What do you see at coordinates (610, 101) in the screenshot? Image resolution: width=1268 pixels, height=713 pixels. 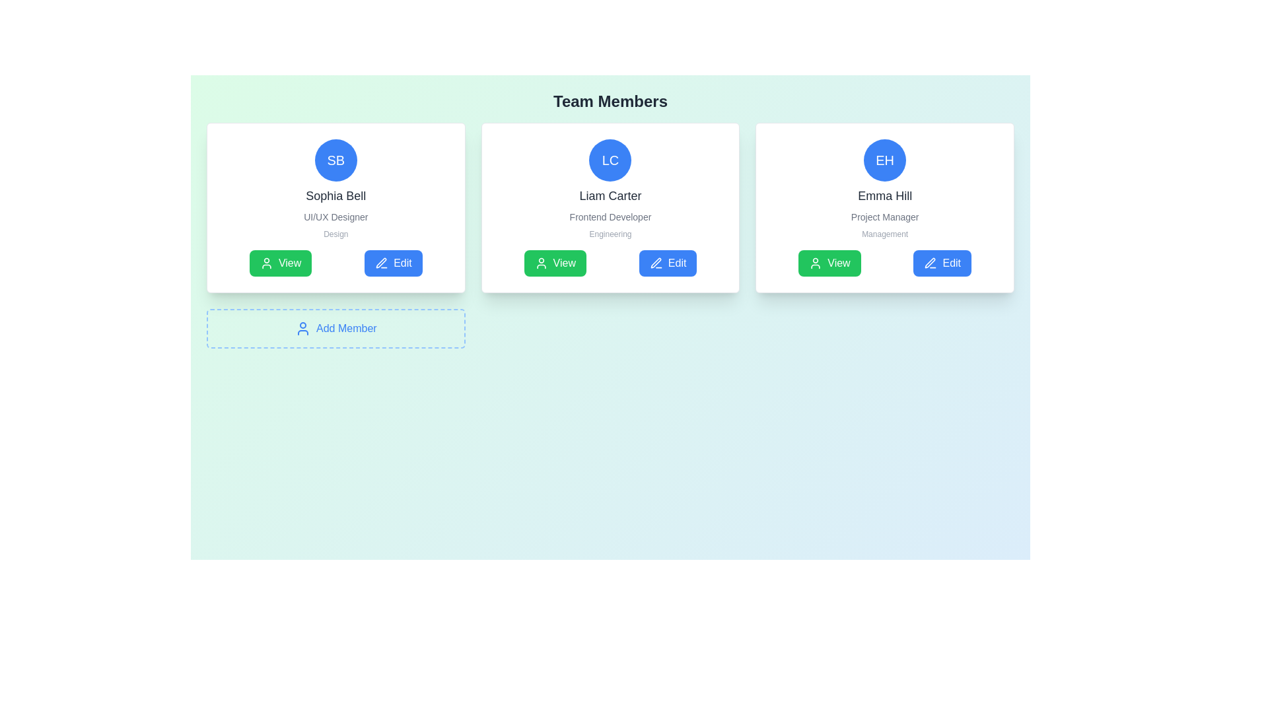 I see `heading text that serves as the title for the section displaying team members, located at the upper section of the layout` at bounding box center [610, 101].